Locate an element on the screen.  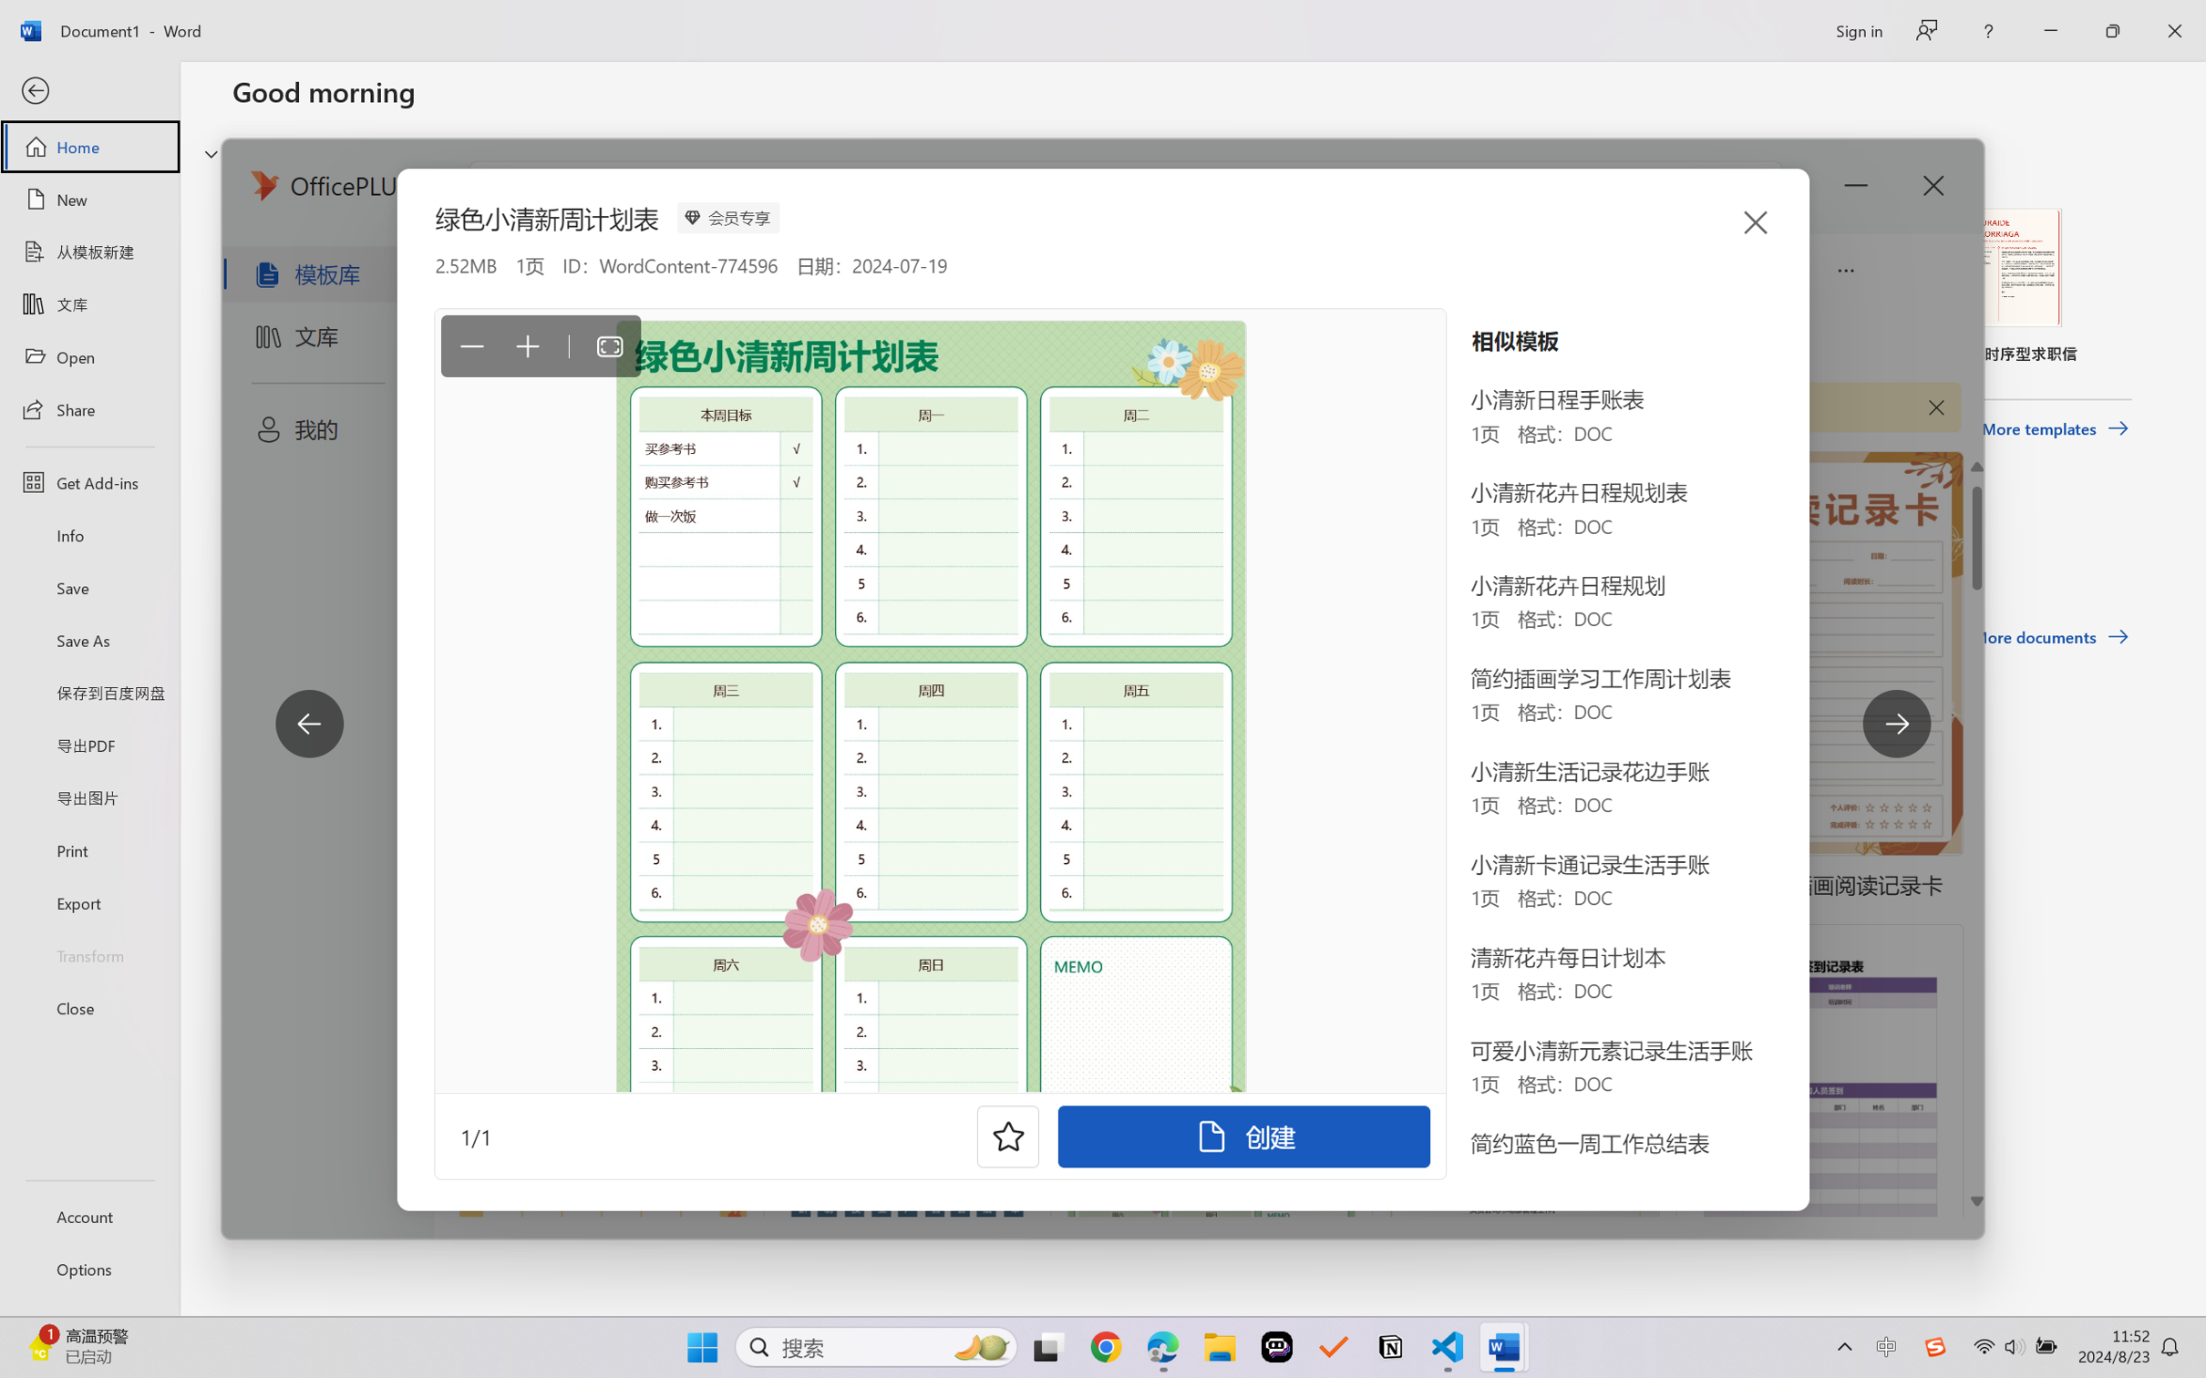
'Save As' is located at coordinates (88, 640).